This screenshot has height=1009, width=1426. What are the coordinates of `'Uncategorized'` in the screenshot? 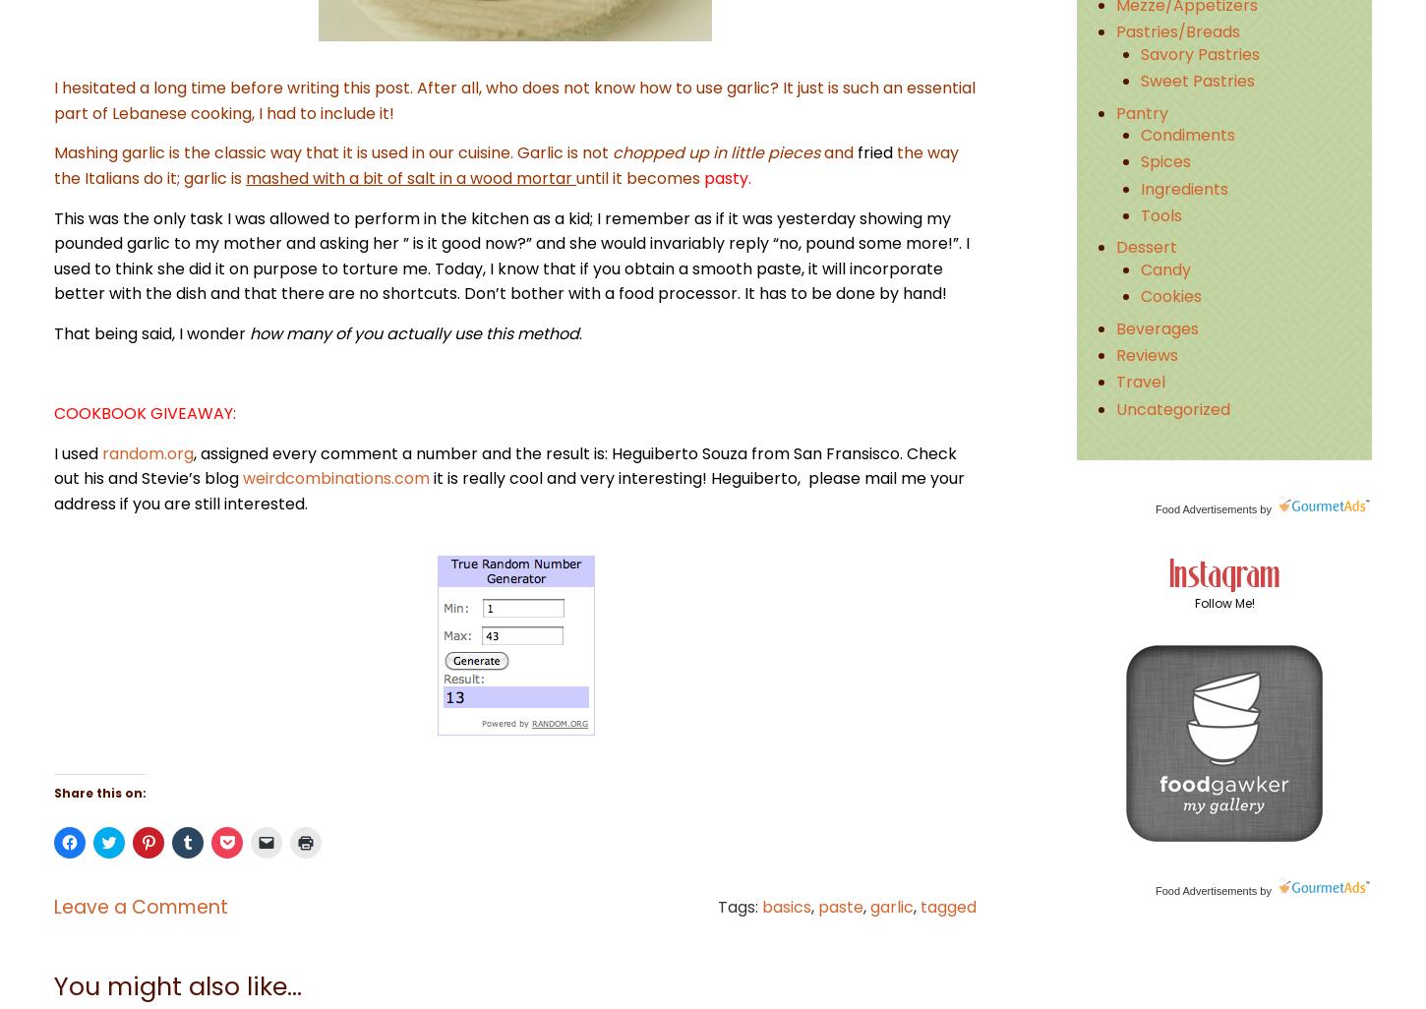 It's located at (1172, 408).